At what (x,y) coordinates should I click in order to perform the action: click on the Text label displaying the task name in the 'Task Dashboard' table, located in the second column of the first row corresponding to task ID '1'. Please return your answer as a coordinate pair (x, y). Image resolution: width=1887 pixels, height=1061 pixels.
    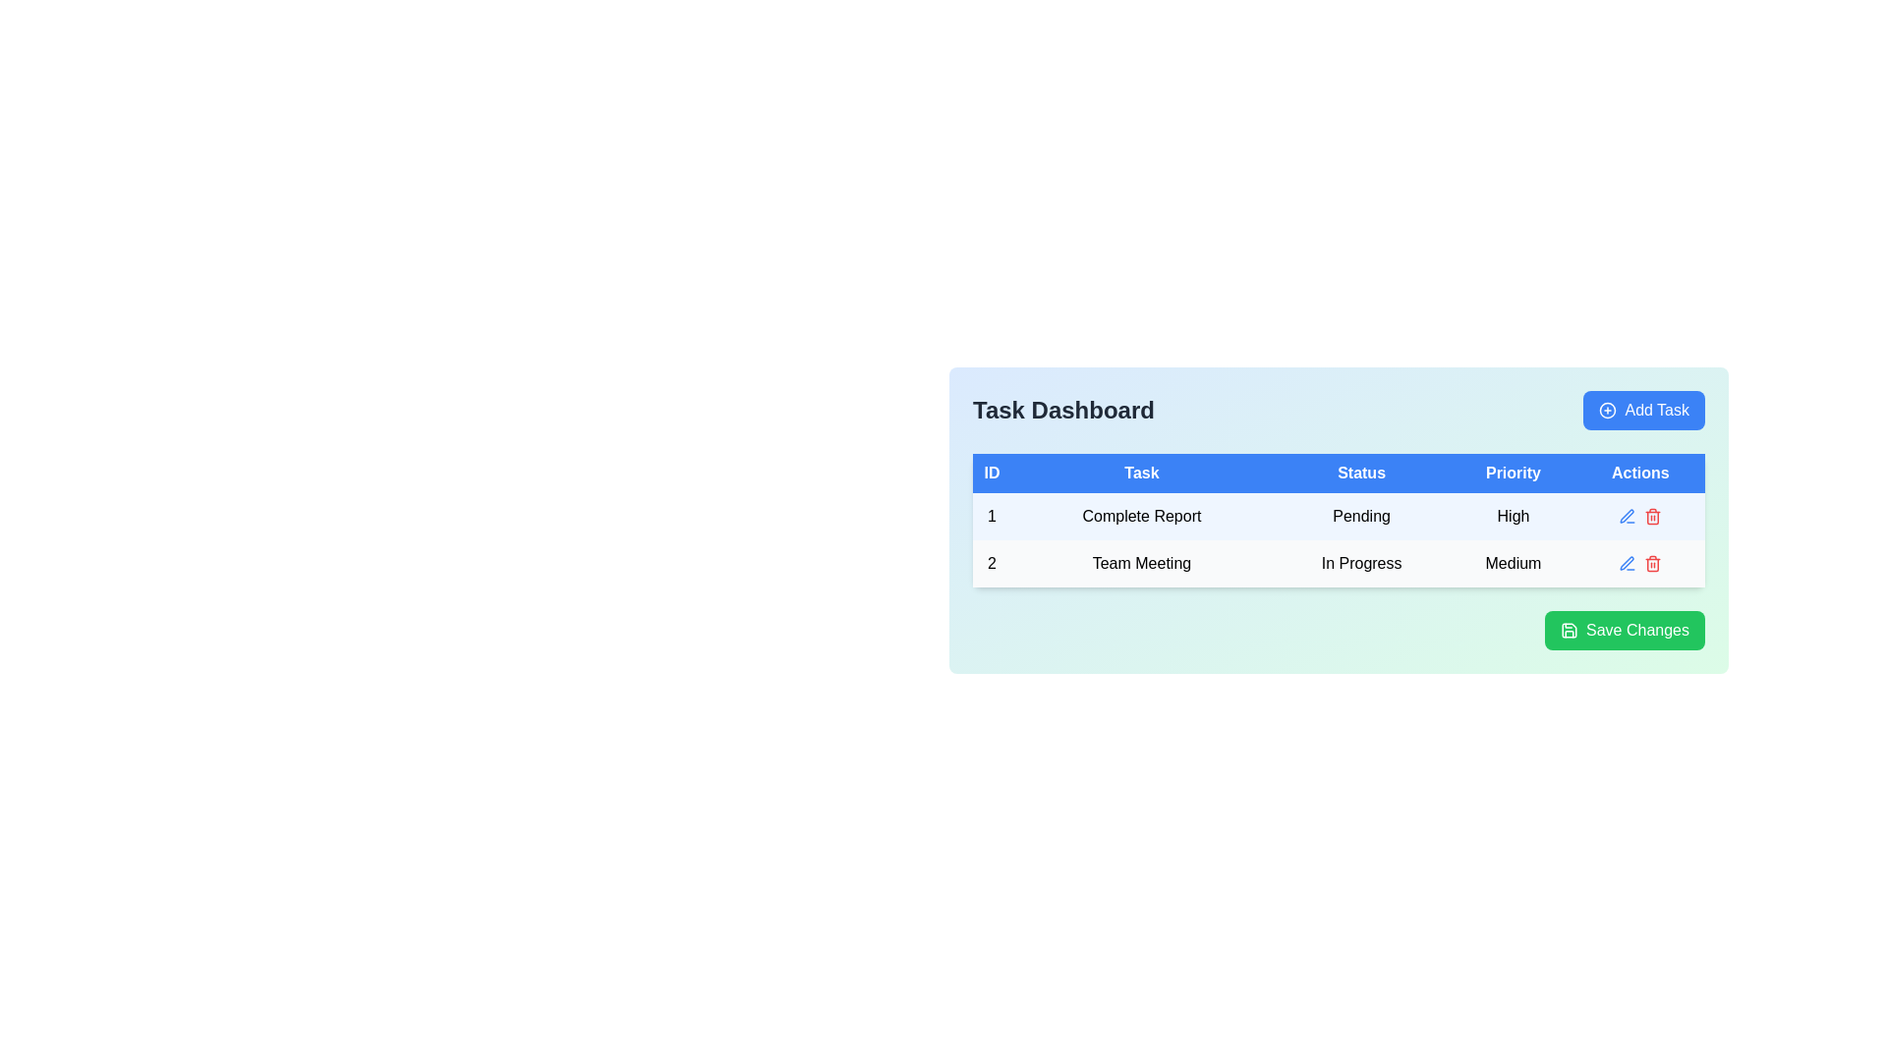
    Looking at the image, I should click on (1141, 515).